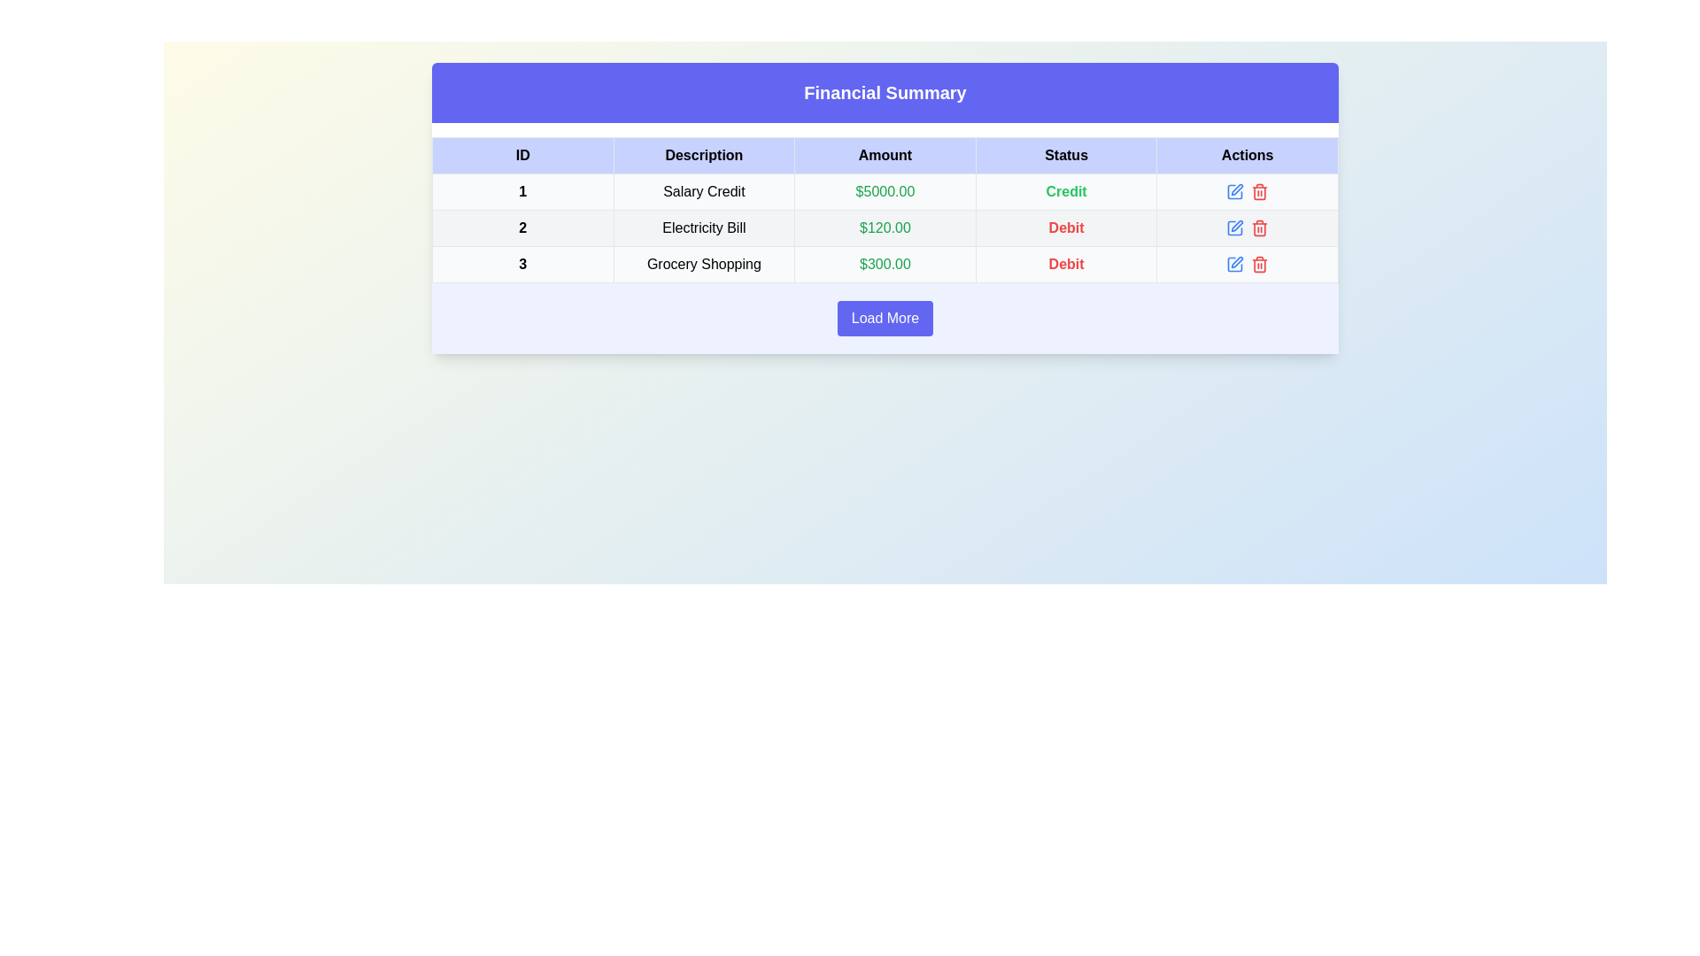 This screenshot has height=956, width=1700. What do you see at coordinates (1259, 265) in the screenshot?
I see `the delete button with an icon located in the rightmost column of action icons in the financial summary table` at bounding box center [1259, 265].